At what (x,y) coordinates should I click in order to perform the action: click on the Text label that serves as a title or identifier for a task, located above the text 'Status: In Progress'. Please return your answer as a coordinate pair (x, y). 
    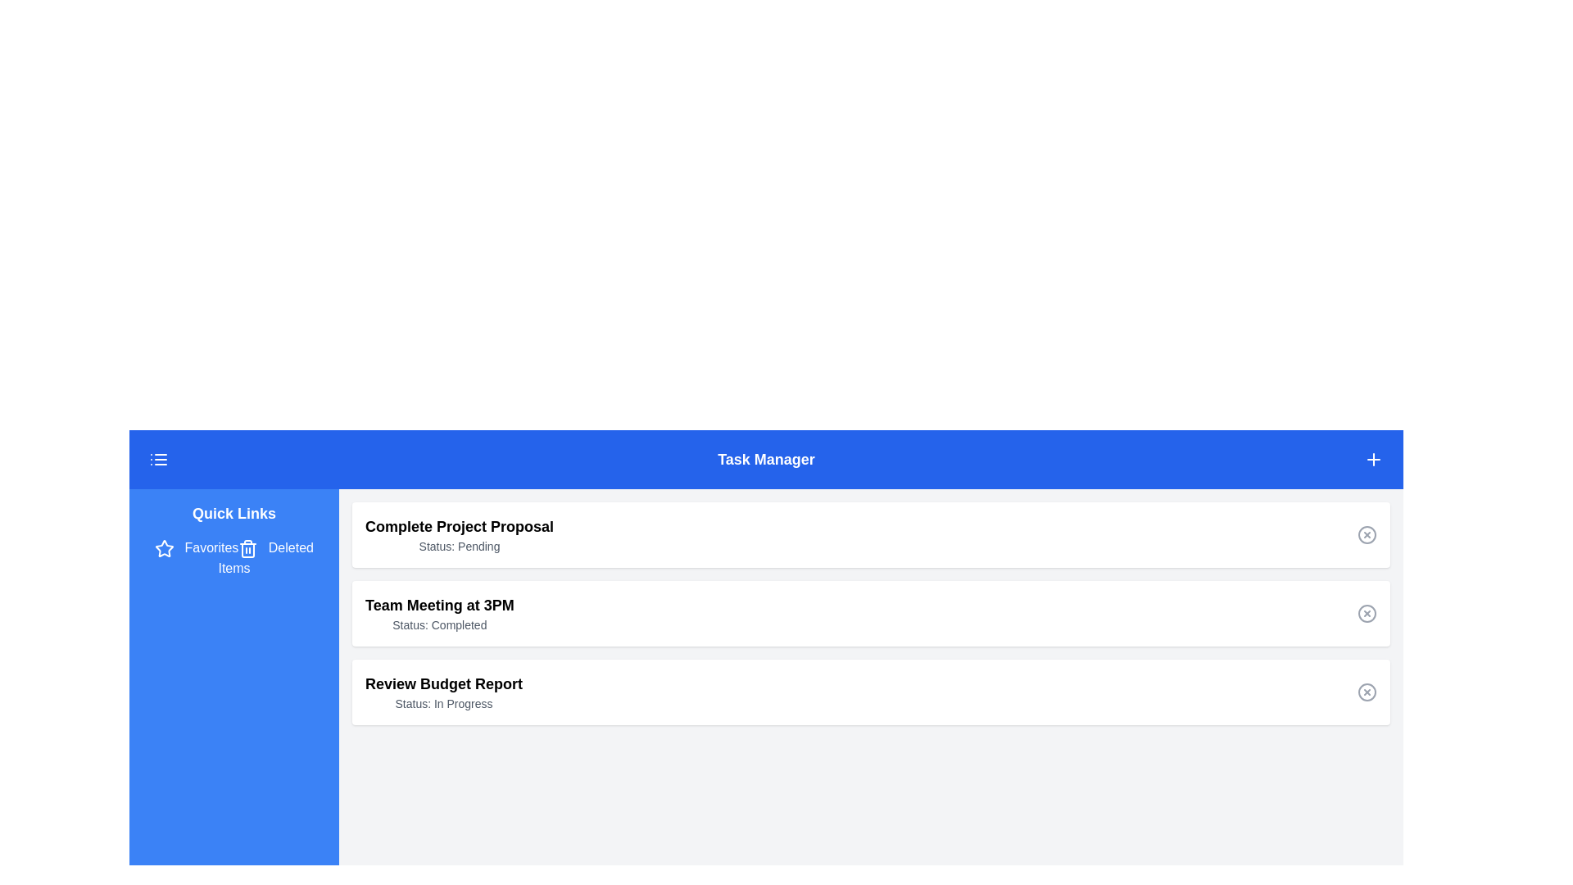
    Looking at the image, I should click on (444, 683).